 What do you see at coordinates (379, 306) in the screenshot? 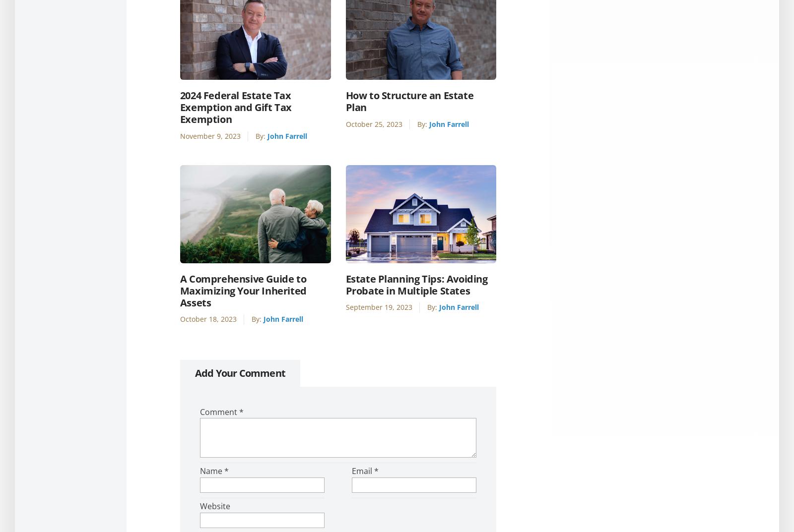
I see `'September 19, 2023'` at bounding box center [379, 306].